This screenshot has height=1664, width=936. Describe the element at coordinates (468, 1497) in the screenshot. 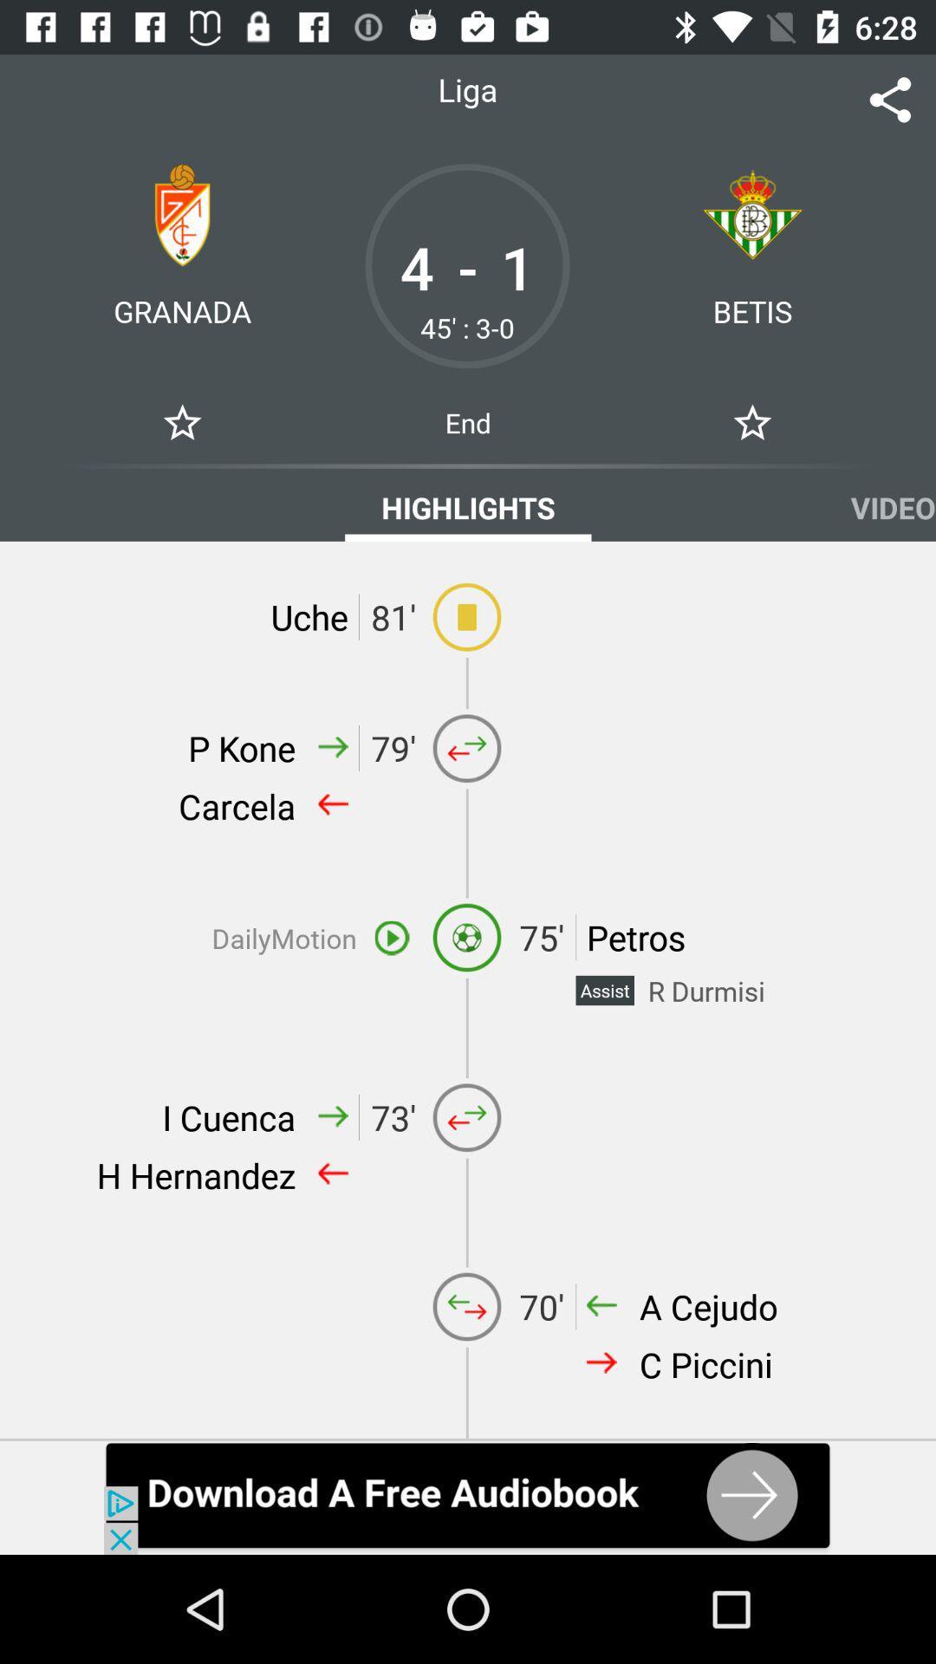

I see `open advertisement` at that location.